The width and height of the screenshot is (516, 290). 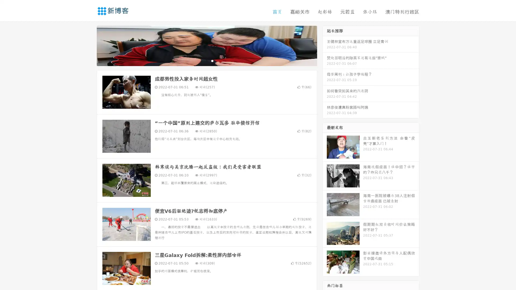 I want to click on Go to slide 2, so click(x=206, y=60).